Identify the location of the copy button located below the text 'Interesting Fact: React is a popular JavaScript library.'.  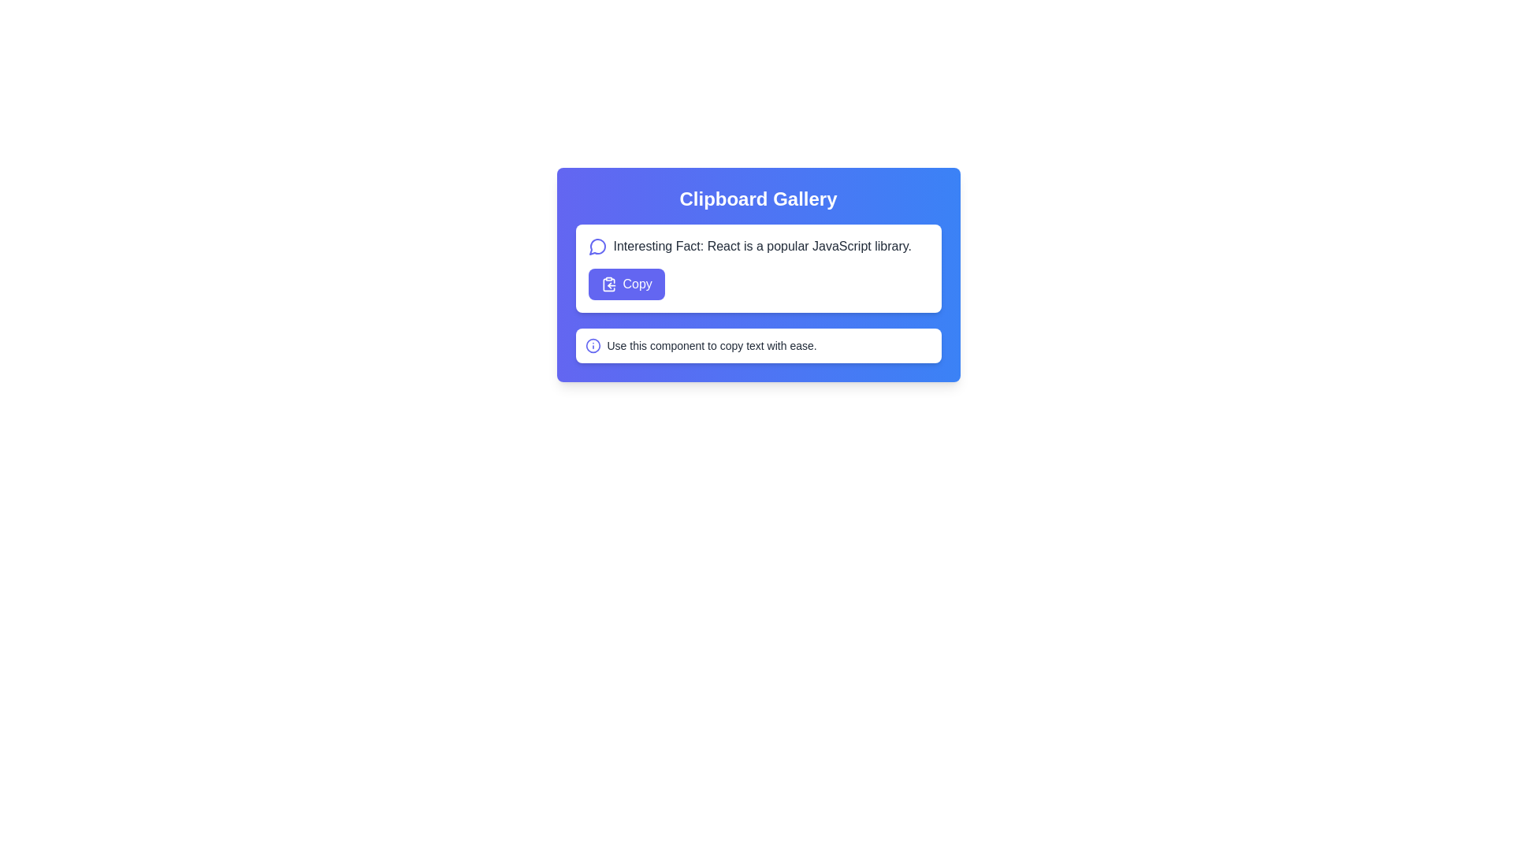
(626, 284).